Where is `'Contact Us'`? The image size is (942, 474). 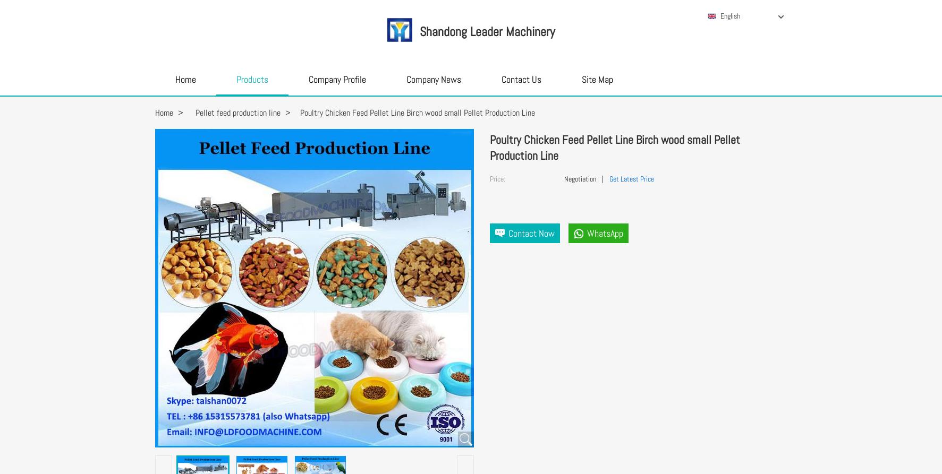 'Contact Us' is located at coordinates (521, 79).